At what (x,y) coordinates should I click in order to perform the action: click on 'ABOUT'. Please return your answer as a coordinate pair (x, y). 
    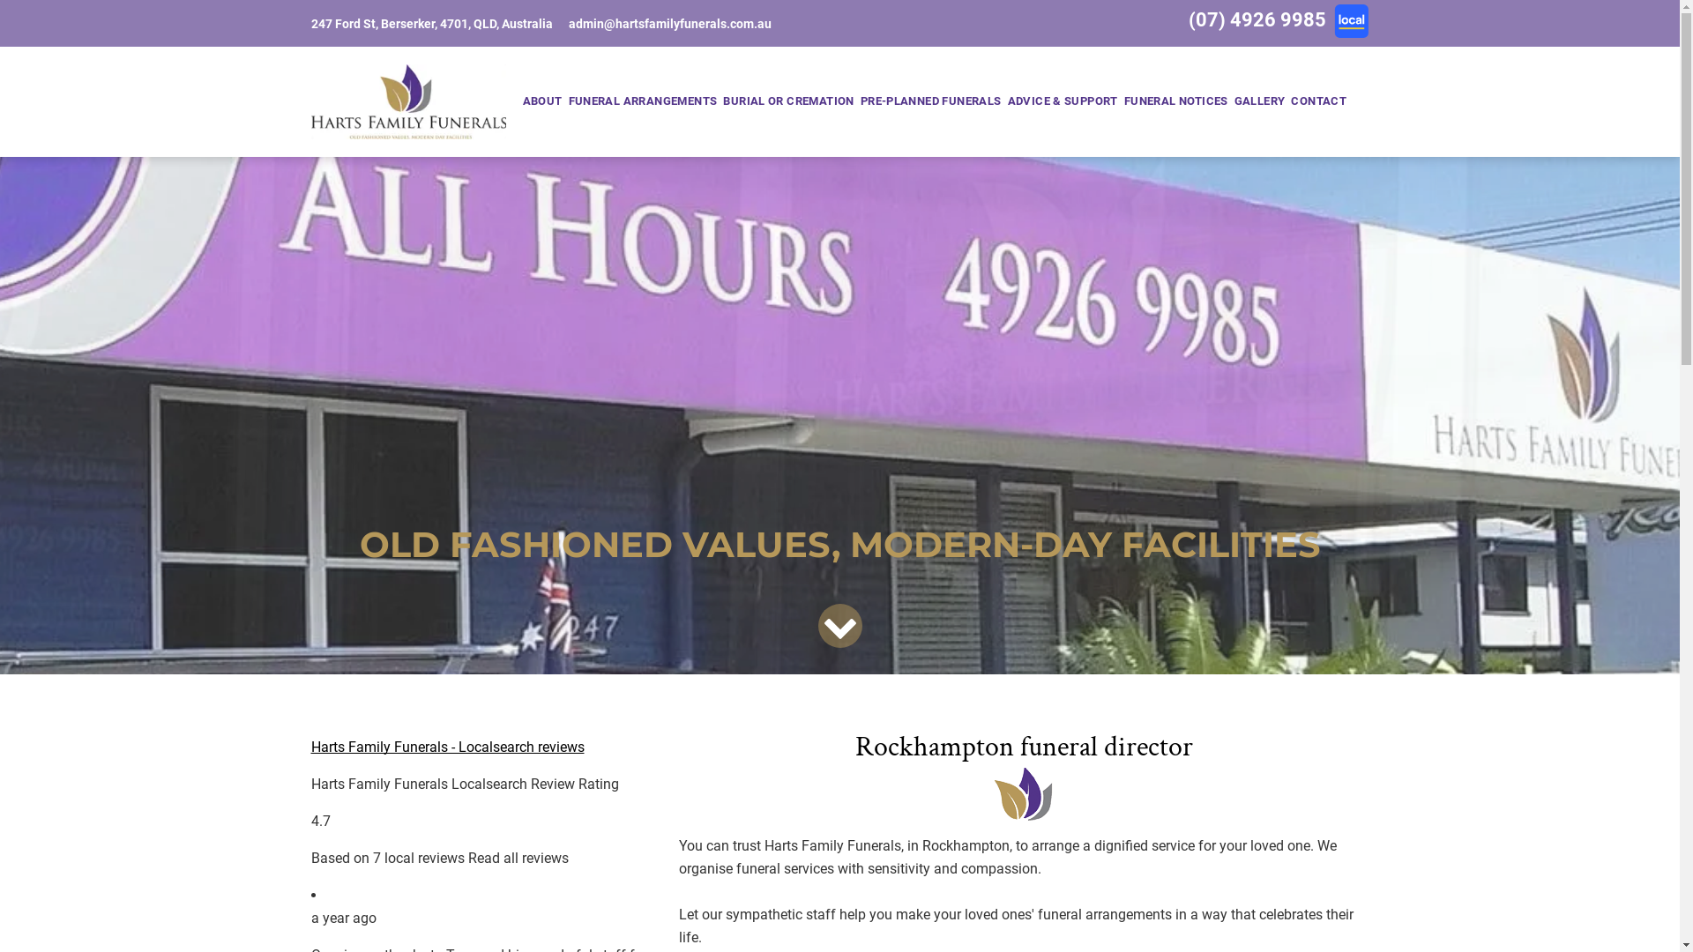
    Looking at the image, I should click on (541, 101).